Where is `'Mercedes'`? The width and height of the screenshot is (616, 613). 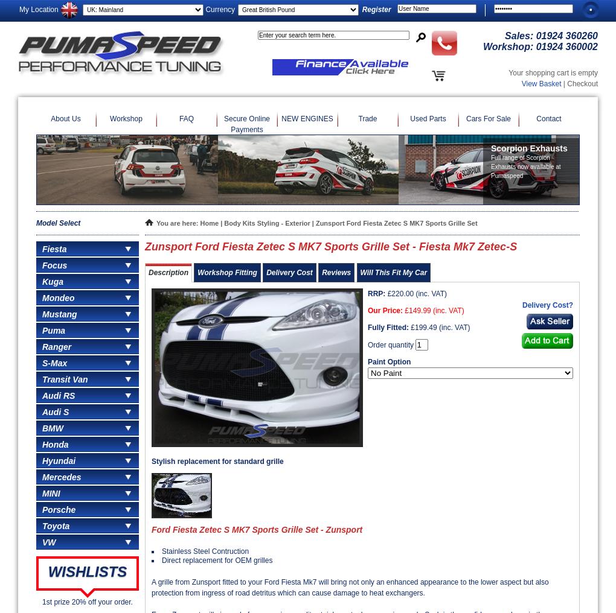
'Mercedes' is located at coordinates (61, 476).